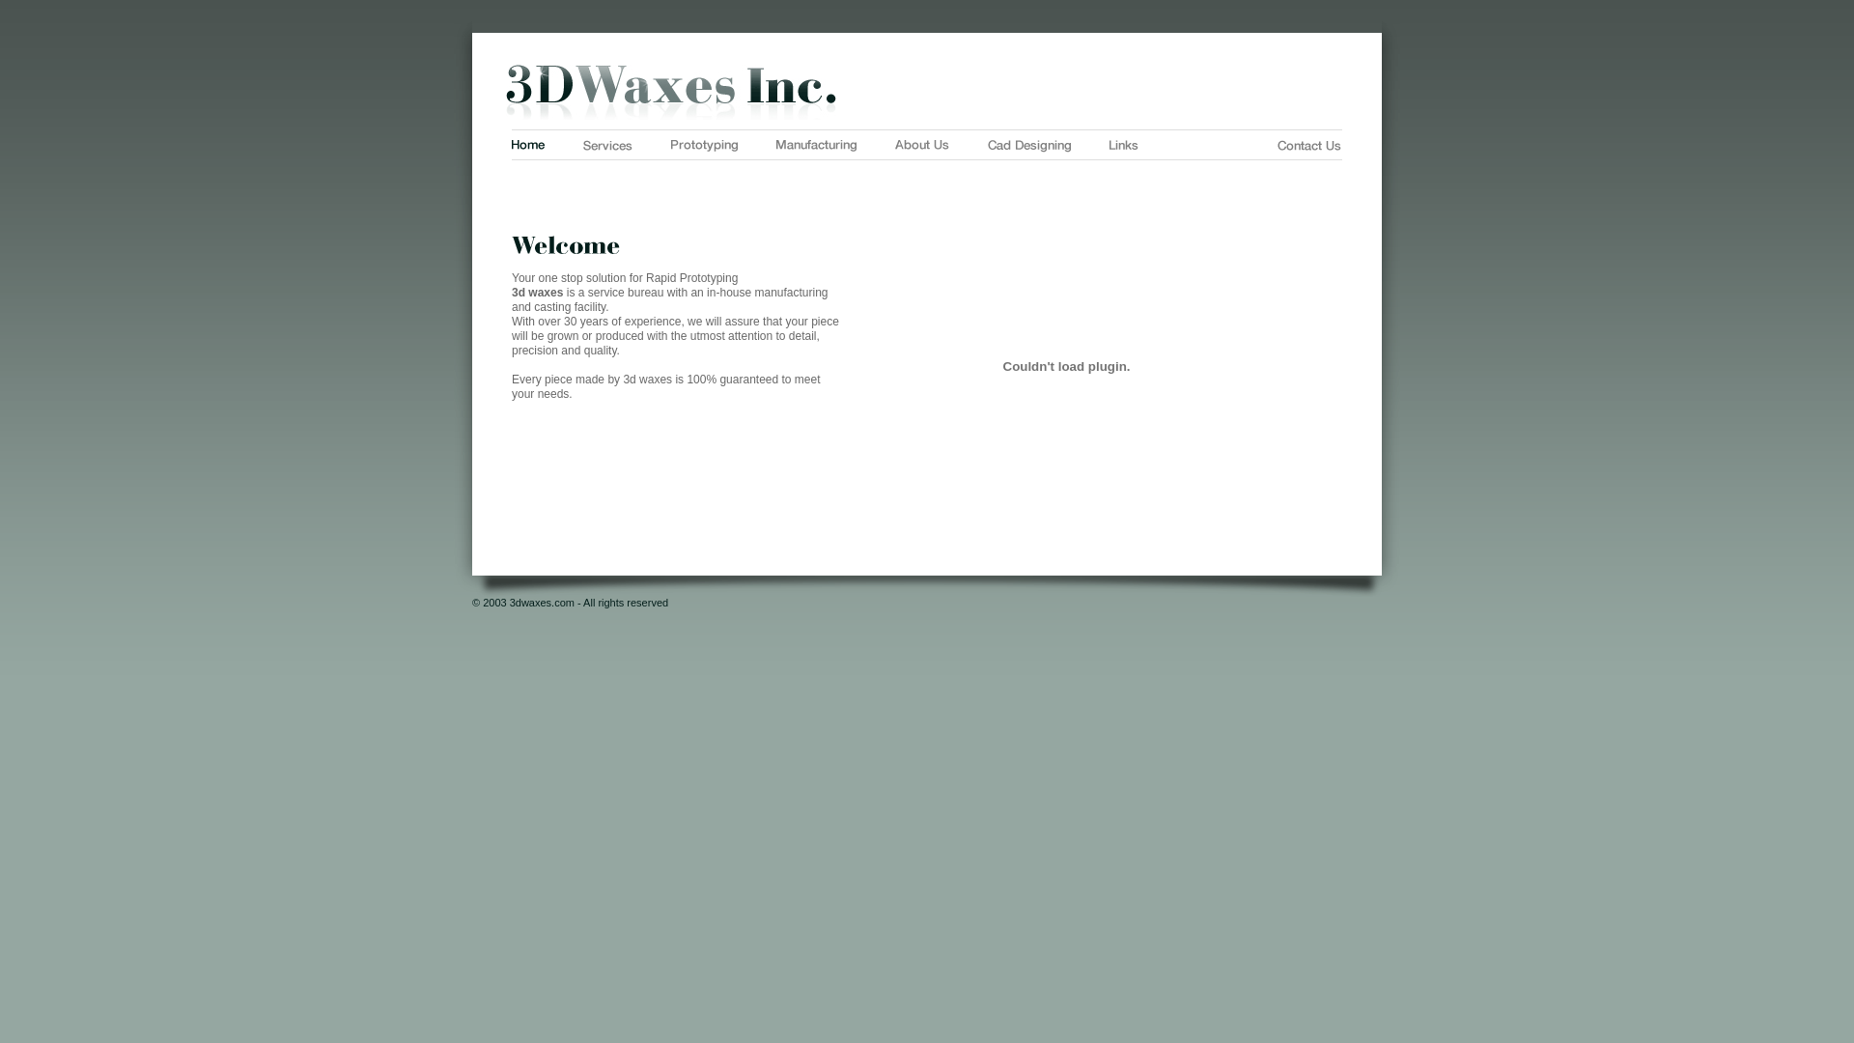 This screenshot has height=1043, width=1854. I want to click on 'Cad Designing', so click(1027, 145).